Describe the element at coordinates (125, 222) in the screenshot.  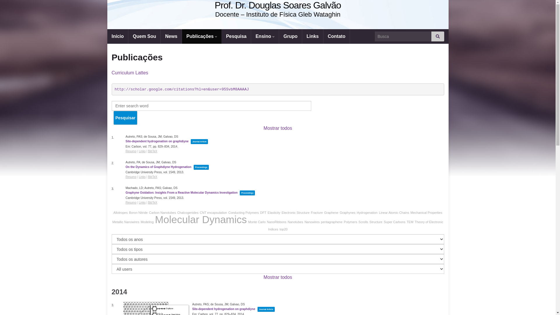
I see `'Metallic Nanowires'` at that location.